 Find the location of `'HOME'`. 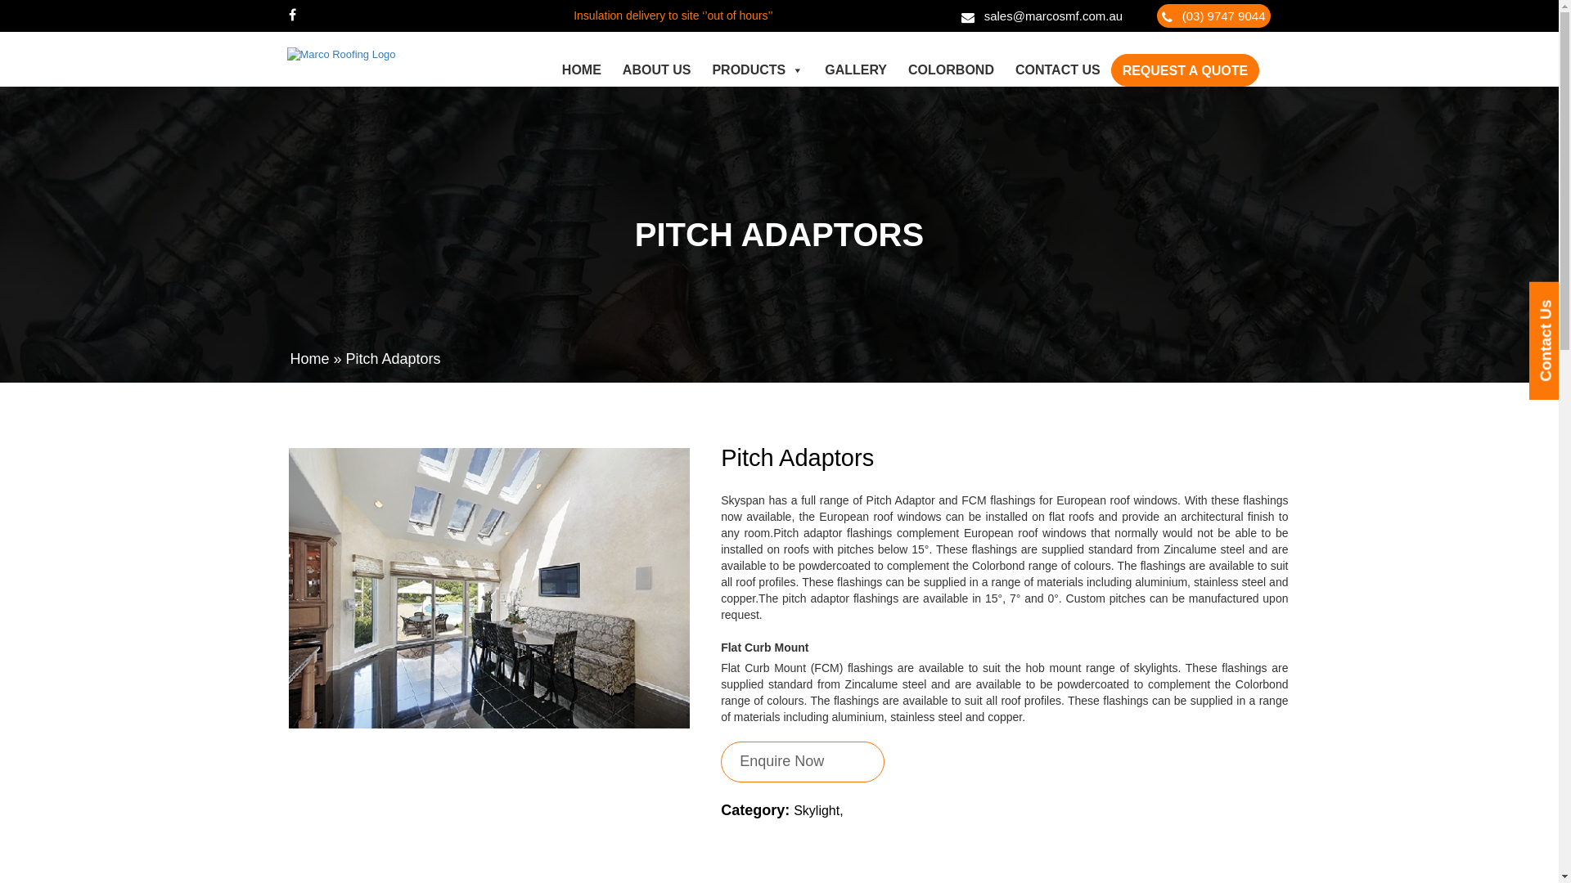

'HOME' is located at coordinates (581, 69).